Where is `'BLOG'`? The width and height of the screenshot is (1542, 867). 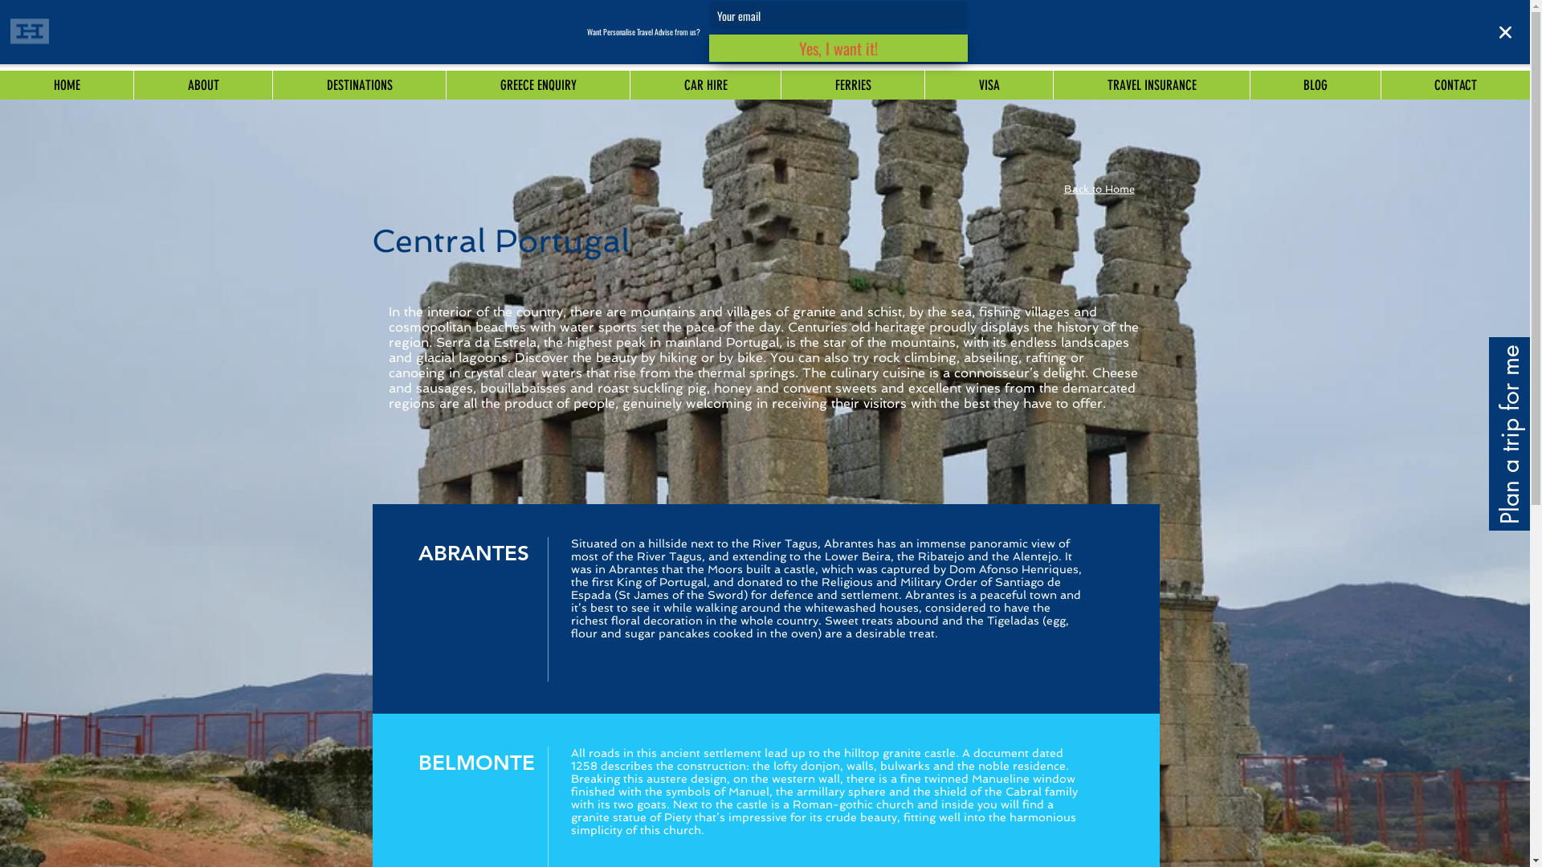 'BLOG' is located at coordinates (1248, 84).